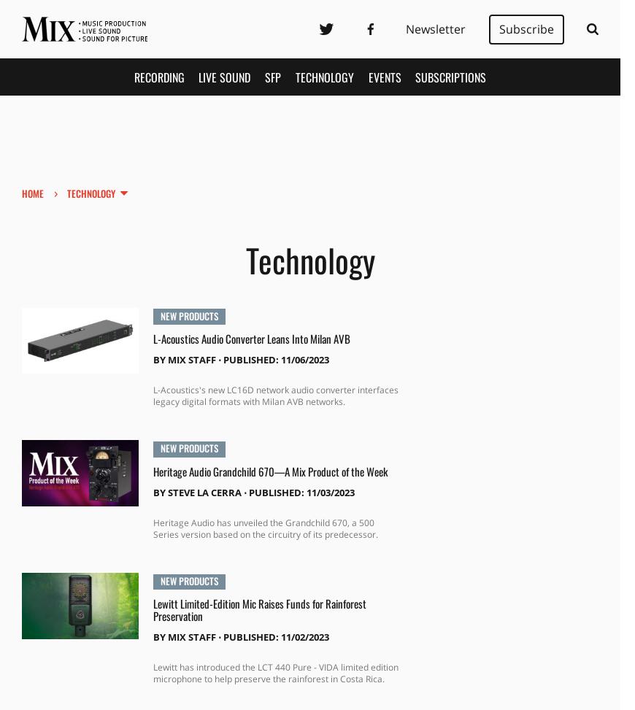 The height and width of the screenshot is (710, 635). I want to click on 'Live Sound', so click(224, 76).